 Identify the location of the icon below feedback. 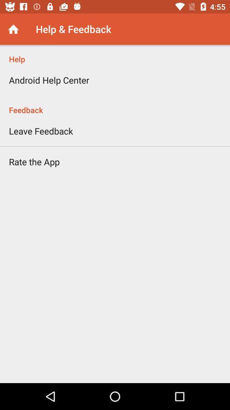
(40, 131).